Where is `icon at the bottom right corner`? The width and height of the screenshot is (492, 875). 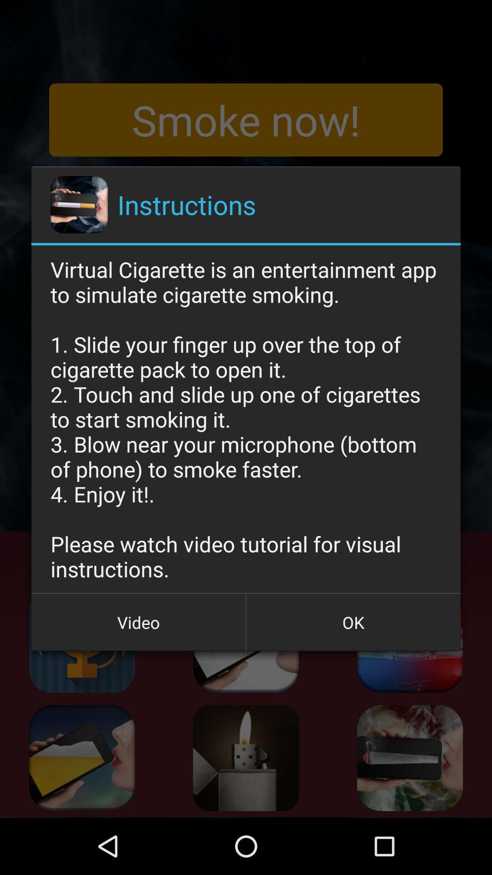 icon at the bottom right corner is located at coordinates (353, 622).